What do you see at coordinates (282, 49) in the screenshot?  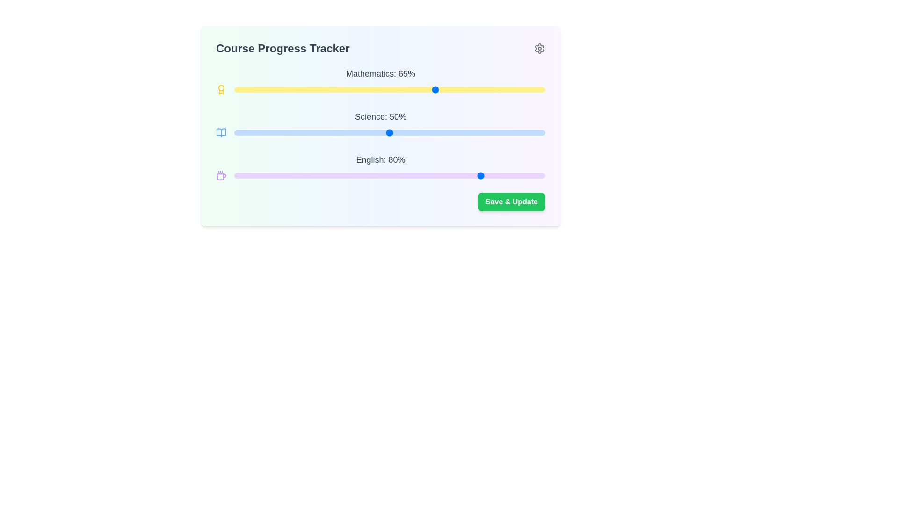 I see `text from the 'Course Progress Tracker' label, which is displayed in a bold and large font with a gray color, located at the top-left corner of the panel` at bounding box center [282, 49].